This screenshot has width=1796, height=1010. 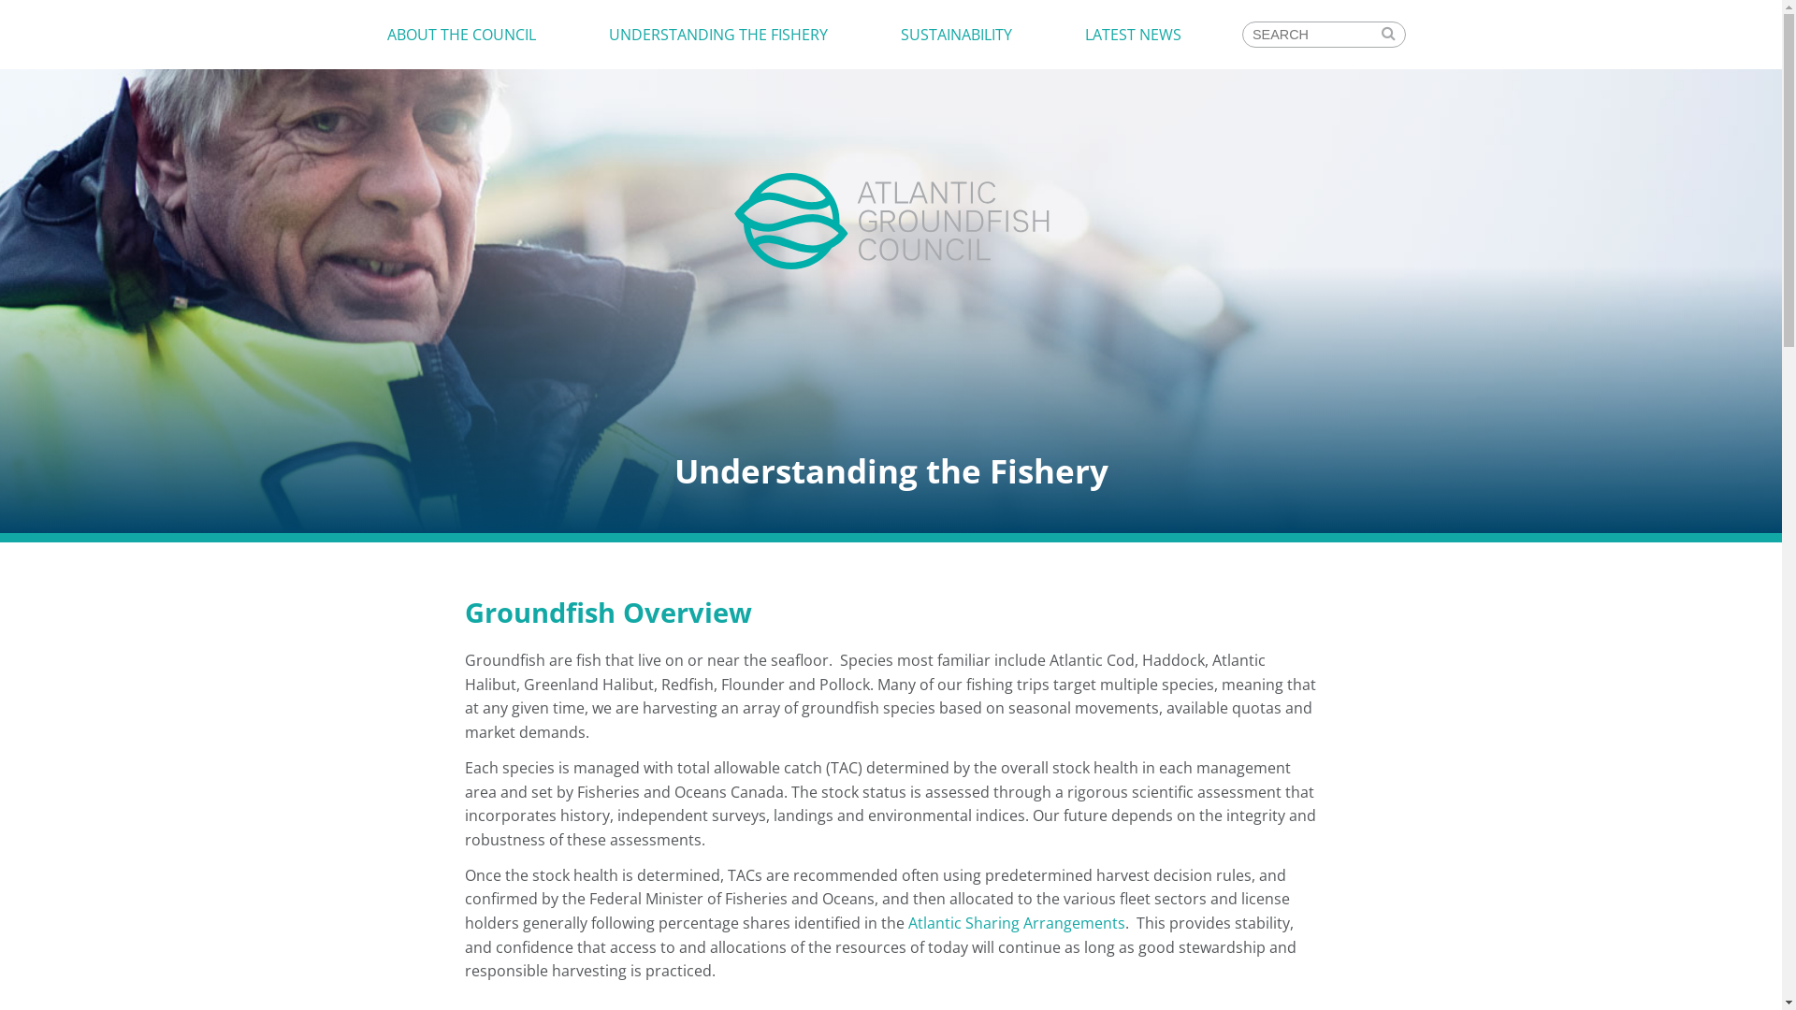 What do you see at coordinates (956, 35) in the screenshot?
I see `'SUSTAINABILITY'` at bounding box center [956, 35].